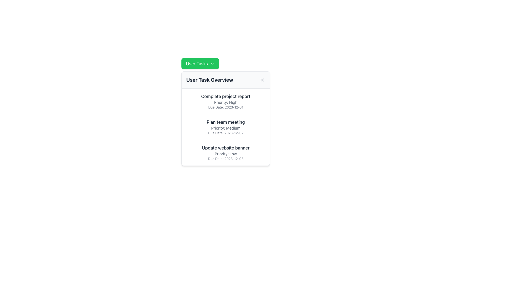  Describe the element at coordinates (226, 122) in the screenshot. I see `the title text component of a task item in the 'User Task Overview' panel, which is positioned above 'Priority: Medium' and 'Due Date: 2023-12-02'` at that location.